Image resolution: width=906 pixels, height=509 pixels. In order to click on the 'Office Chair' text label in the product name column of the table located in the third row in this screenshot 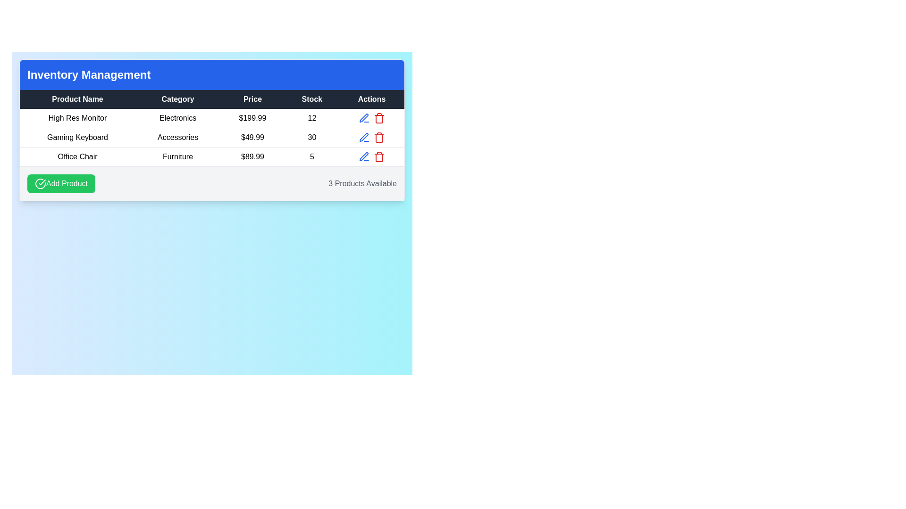, I will do `click(77, 156)`.